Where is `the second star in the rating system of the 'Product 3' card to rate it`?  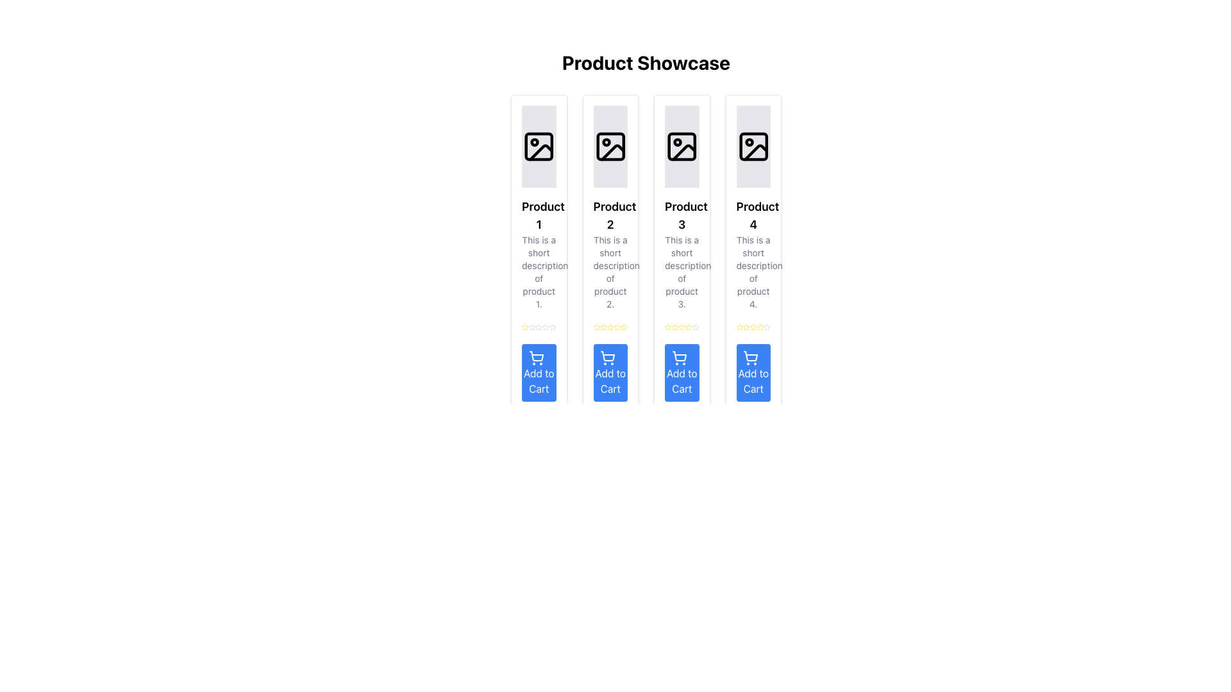 the second star in the rating system of the 'Product 3' card to rate it is located at coordinates (695, 326).